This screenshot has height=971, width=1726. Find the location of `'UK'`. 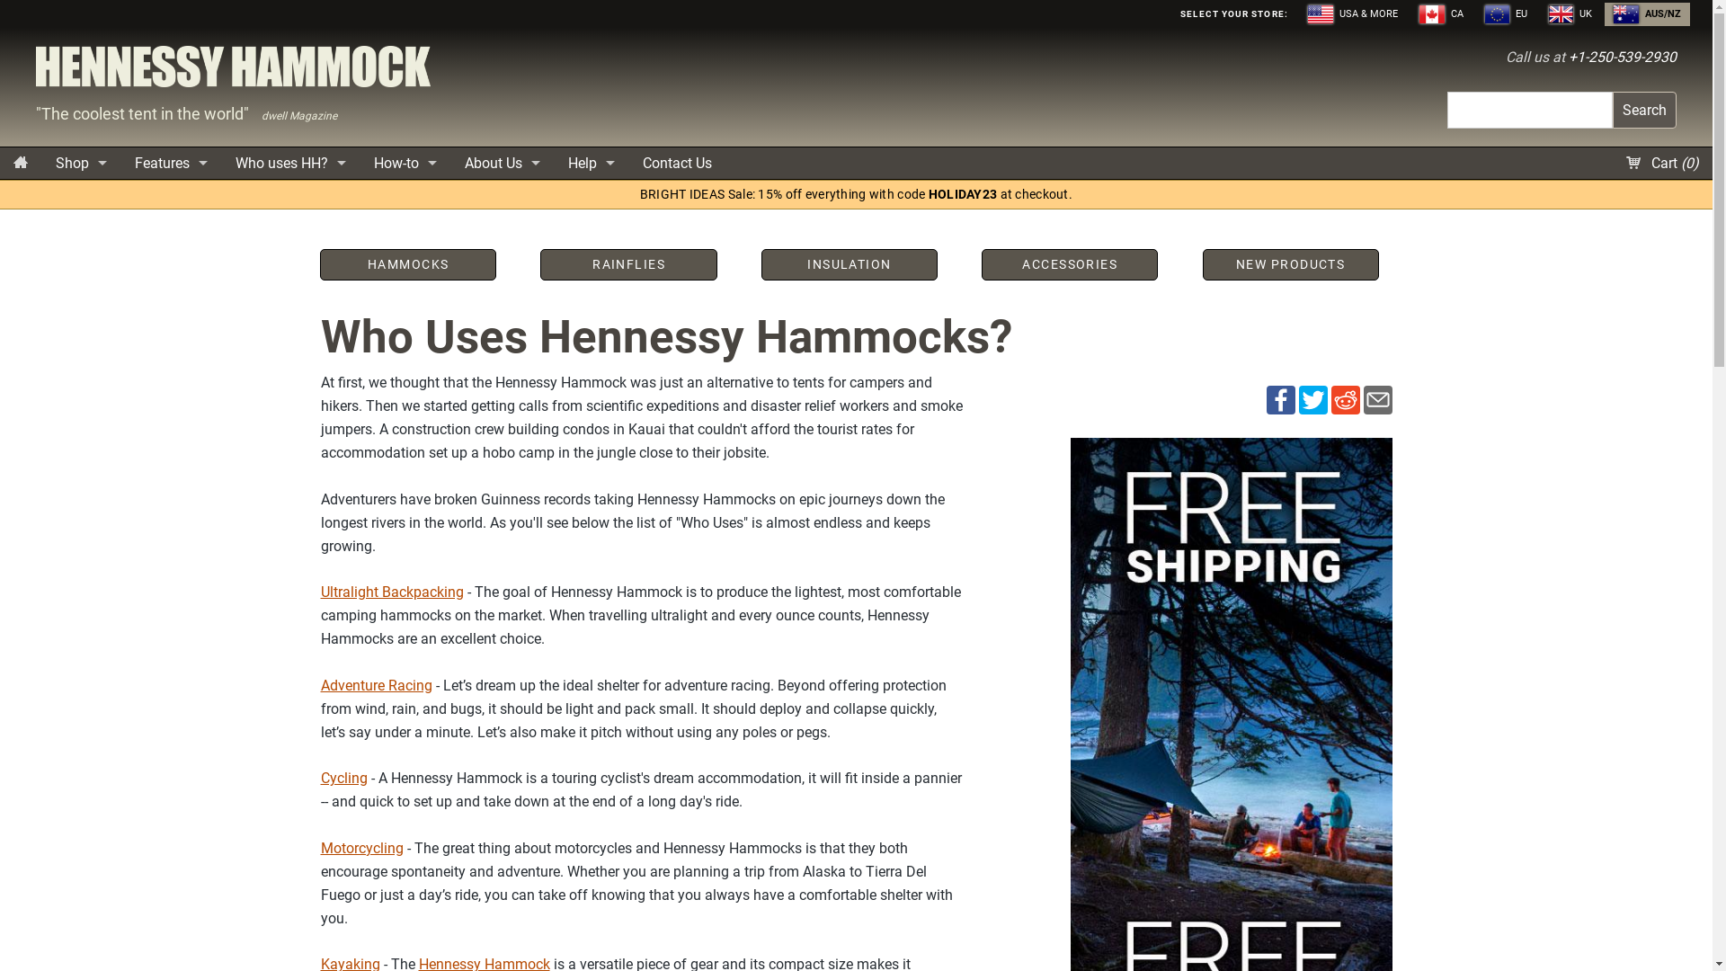

'UK' is located at coordinates (1570, 13).